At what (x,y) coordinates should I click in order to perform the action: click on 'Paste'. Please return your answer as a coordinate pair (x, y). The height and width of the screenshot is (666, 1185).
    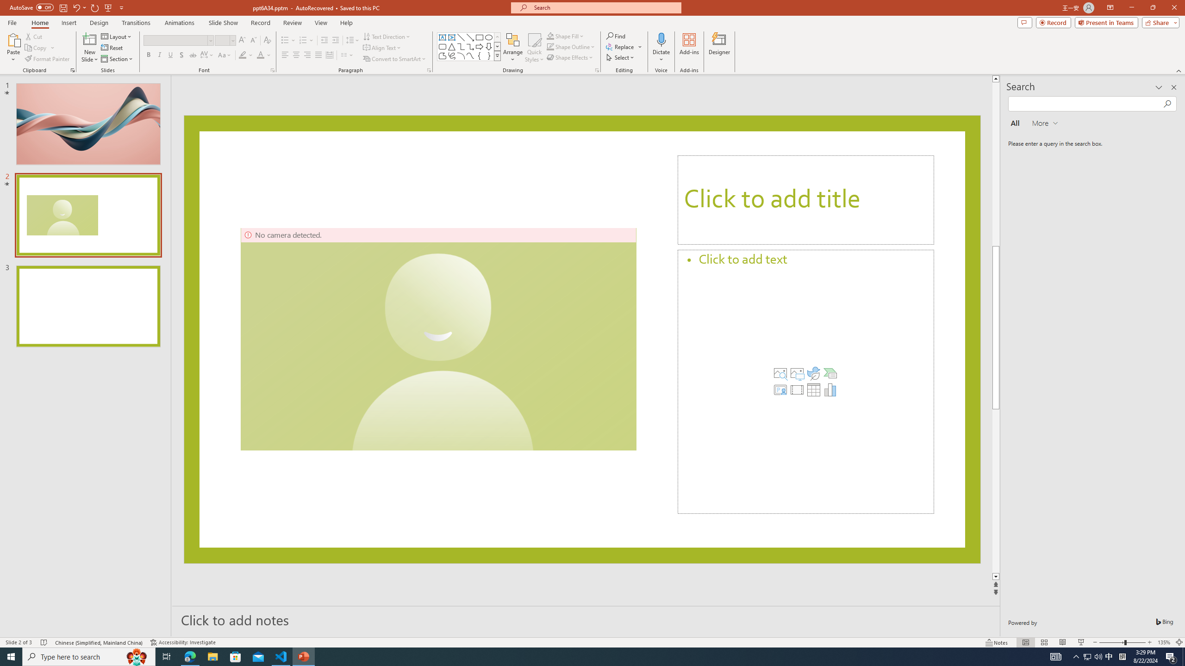
    Looking at the image, I should click on (13, 39).